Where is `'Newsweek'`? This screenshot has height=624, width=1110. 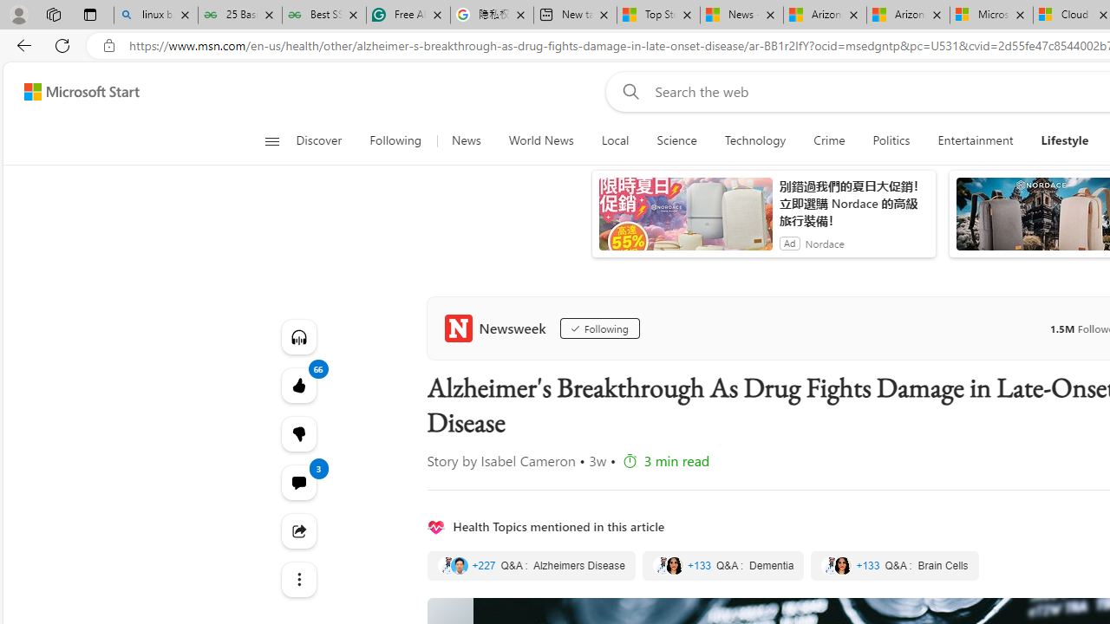 'Newsweek' is located at coordinates (497, 328).